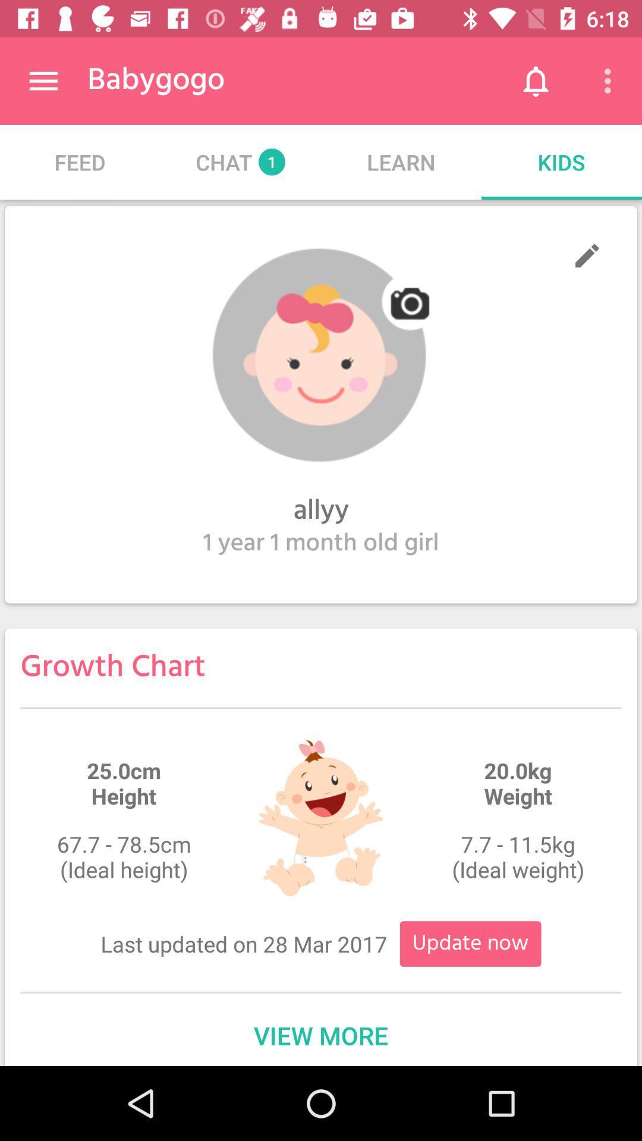 The height and width of the screenshot is (1141, 642). What do you see at coordinates (586, 255) in the screenshot?
I see `edit` at bounding box center [586, 255].